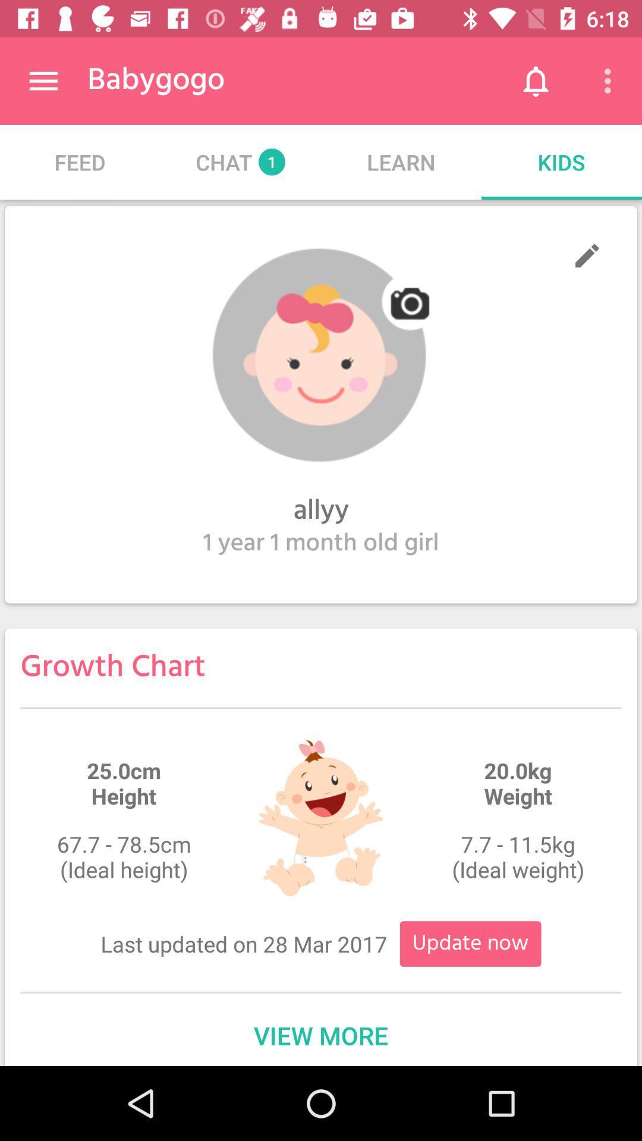 The height and width of the screenshot is (1141, 642). What do you see at coordinates (586, 255) in the screenshot?
I see `edit` at bounding box center [586, 255].